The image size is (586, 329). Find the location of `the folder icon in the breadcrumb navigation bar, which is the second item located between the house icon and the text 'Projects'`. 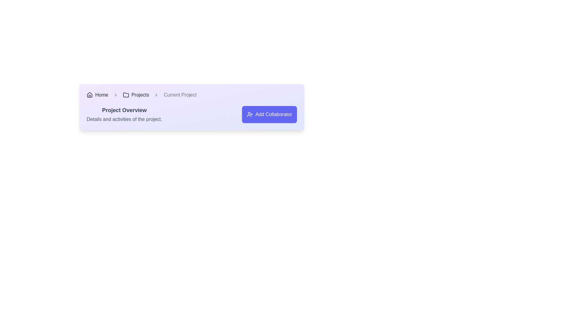

the folder icon in the breadcrumb navigation bar, which is the second item located between the house icon and the text 'Projects' is located at coordinates (125, 95).